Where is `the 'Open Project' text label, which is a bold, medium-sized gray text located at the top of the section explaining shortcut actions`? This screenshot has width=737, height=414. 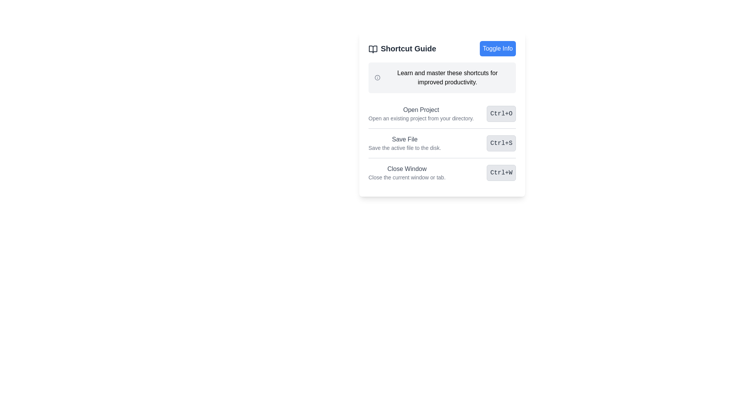
the 'Open Project' text label, which is a bold, medium-sized gray text located at the top of the section explaining shortcut actions is located at coordinates (421, 110).